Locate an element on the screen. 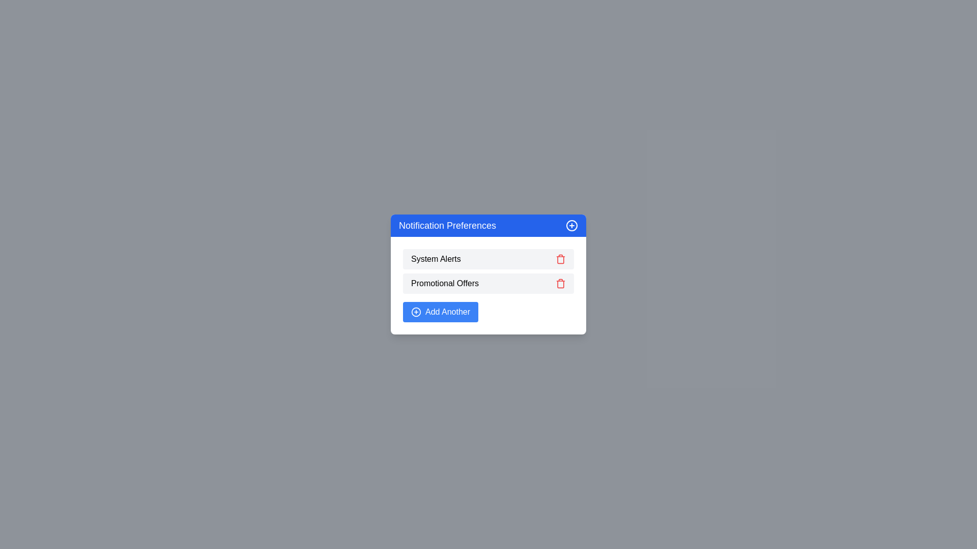 Image resolution: width=977 pixels, height=549 pixels. the action button located at the bottom of the notification preference card is located at coordinates (441, 311).